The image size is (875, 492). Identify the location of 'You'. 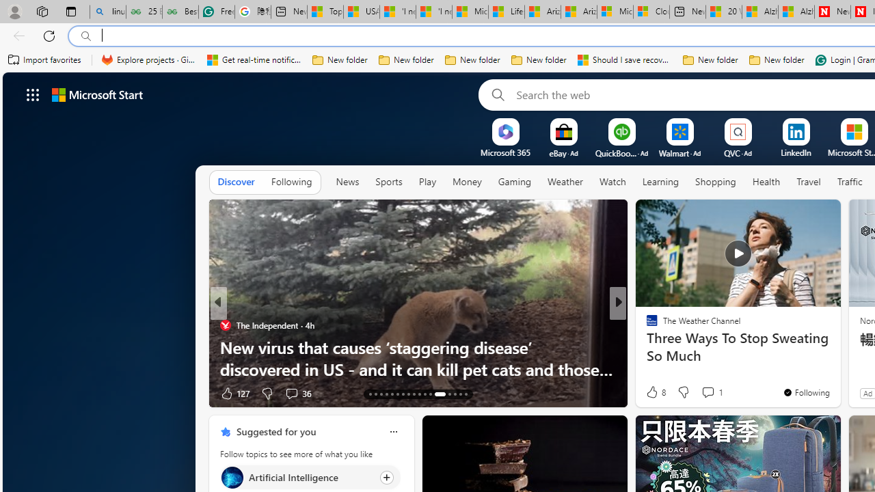
(806, 392).